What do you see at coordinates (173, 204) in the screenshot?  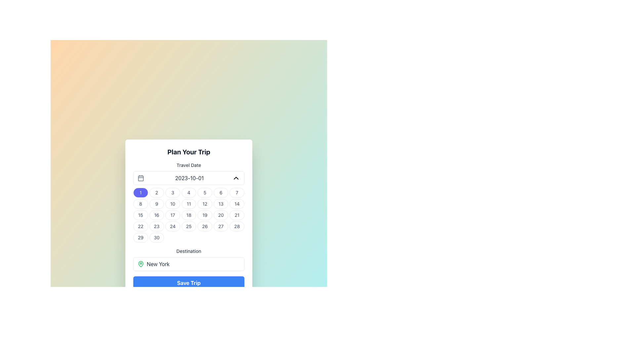 I see `the selectable calendar day button, which is the third item in the second row of a 7-column grid layout within a booking interface` at bounding box center [173, 204].